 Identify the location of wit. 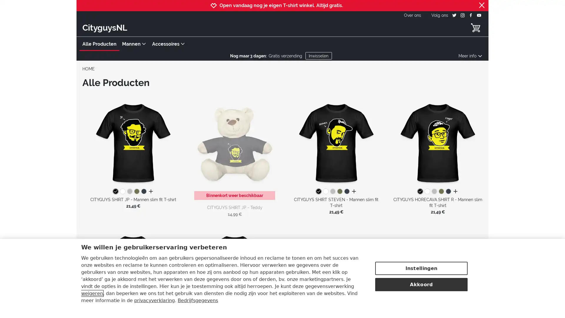
(325, 192).